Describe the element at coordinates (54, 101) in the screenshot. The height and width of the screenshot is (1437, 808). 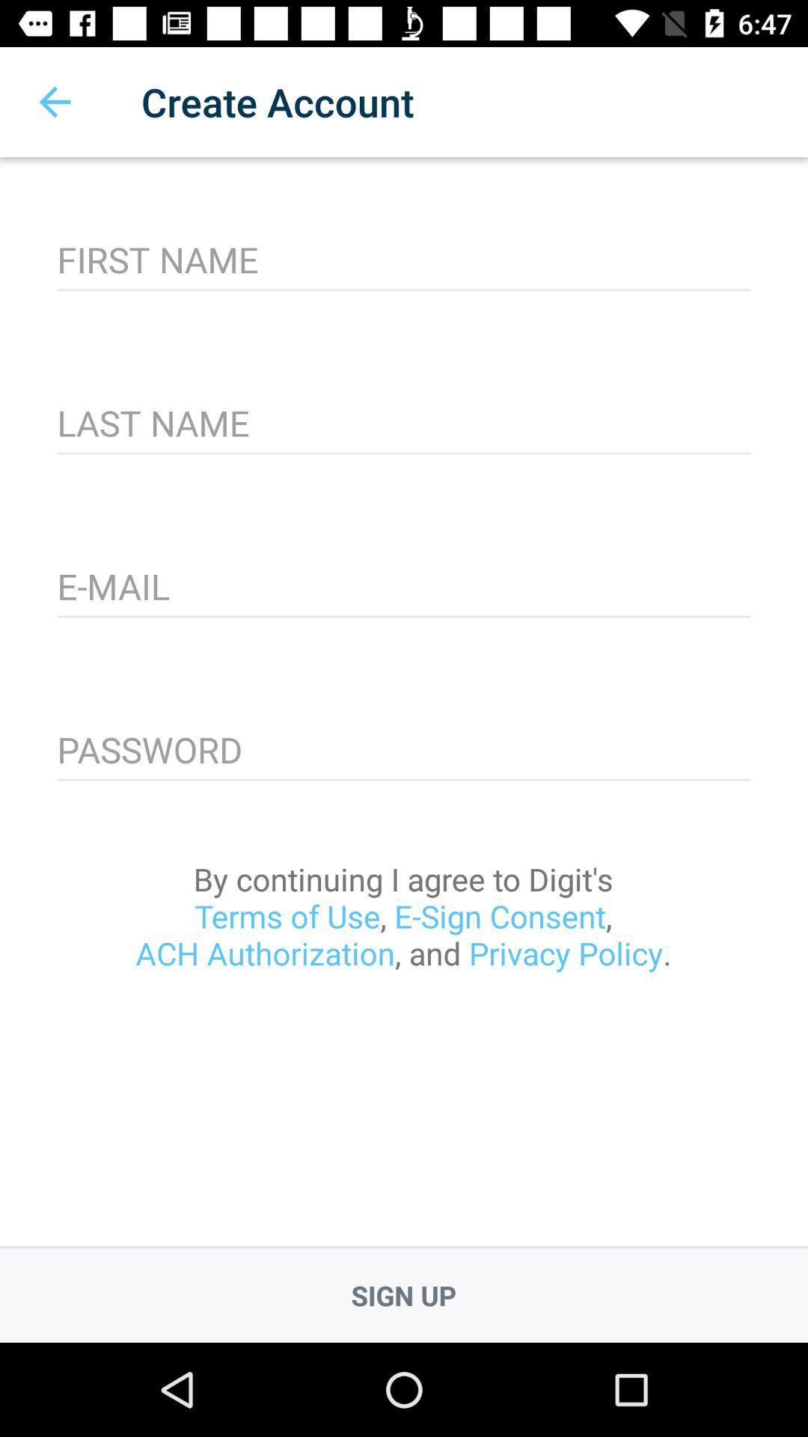
I see `item next to the create account` at that location.